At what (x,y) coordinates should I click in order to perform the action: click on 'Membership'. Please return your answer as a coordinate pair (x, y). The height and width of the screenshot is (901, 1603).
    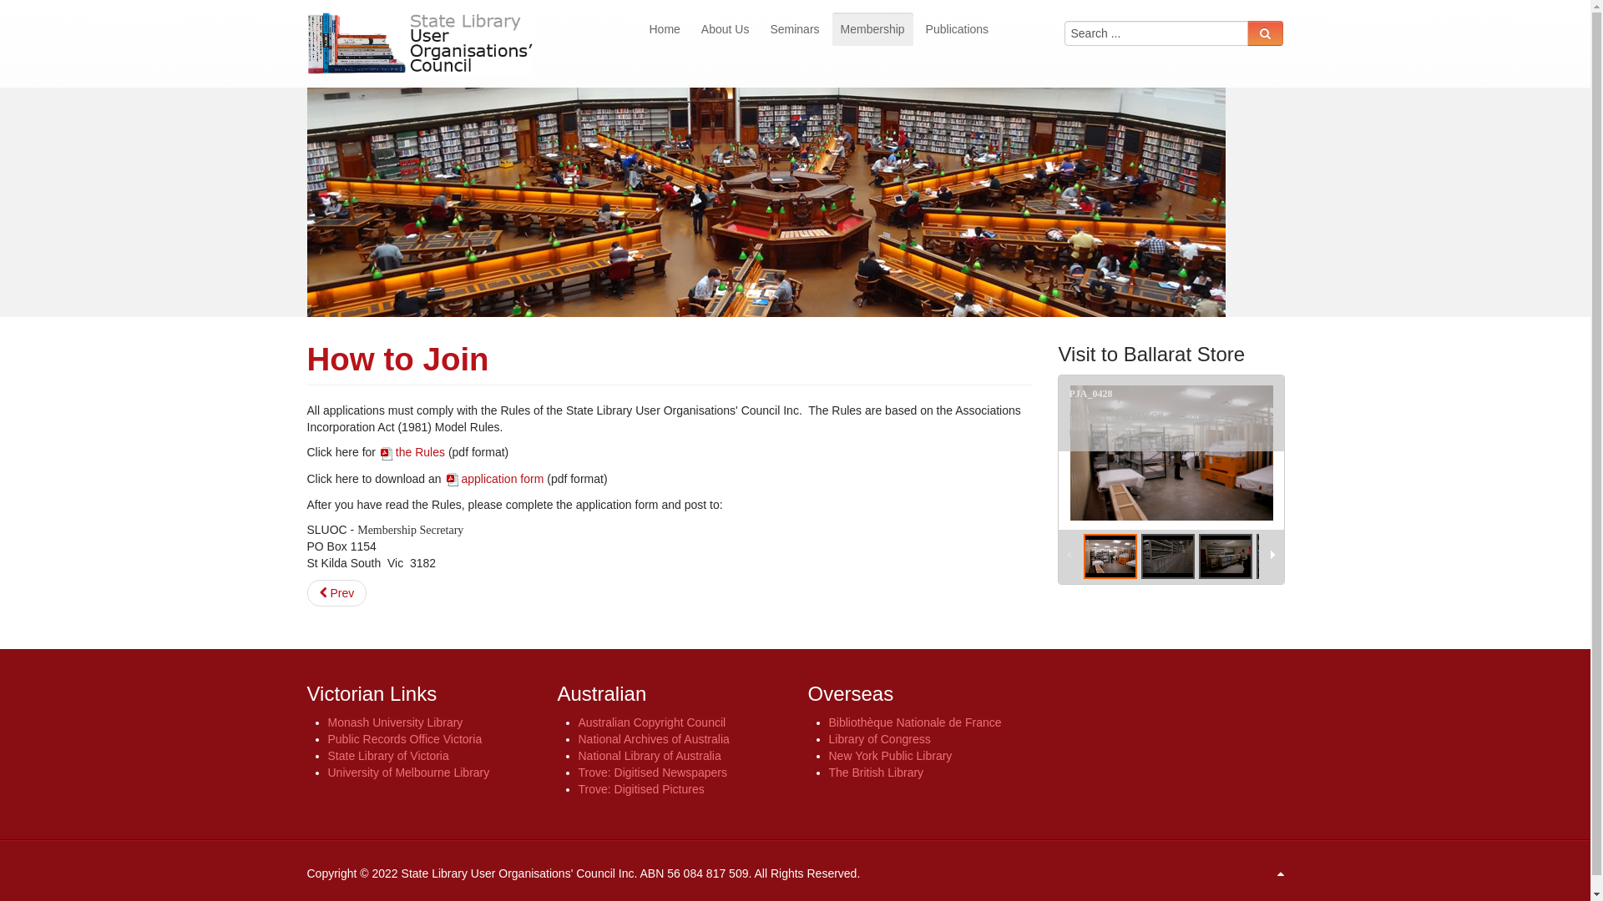
    Looking at the image, I should click on (872, 28).